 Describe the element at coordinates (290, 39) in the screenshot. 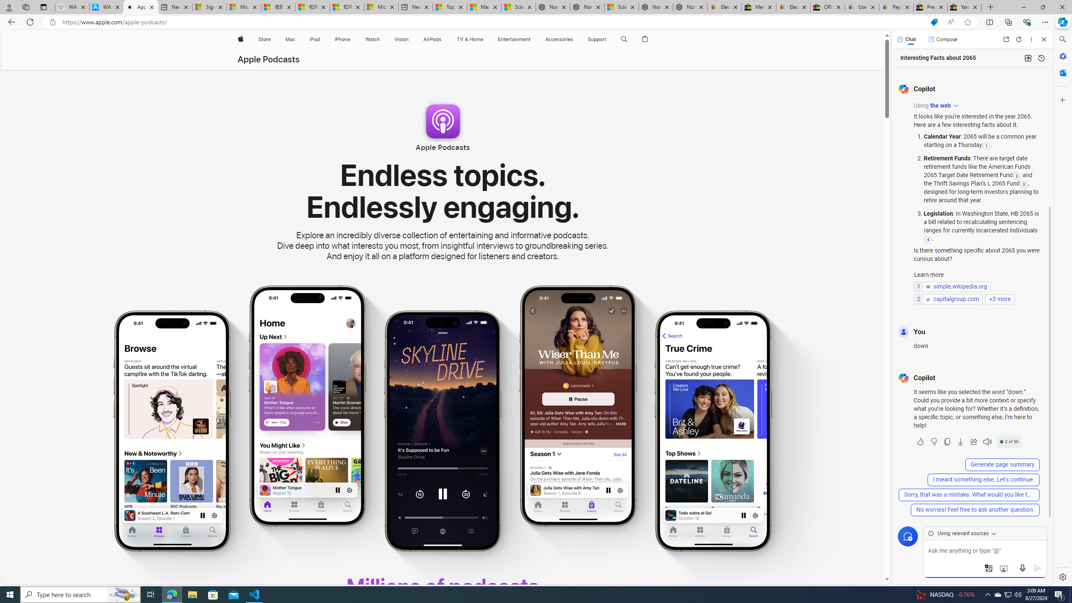

I see `'Mac'` at that location.